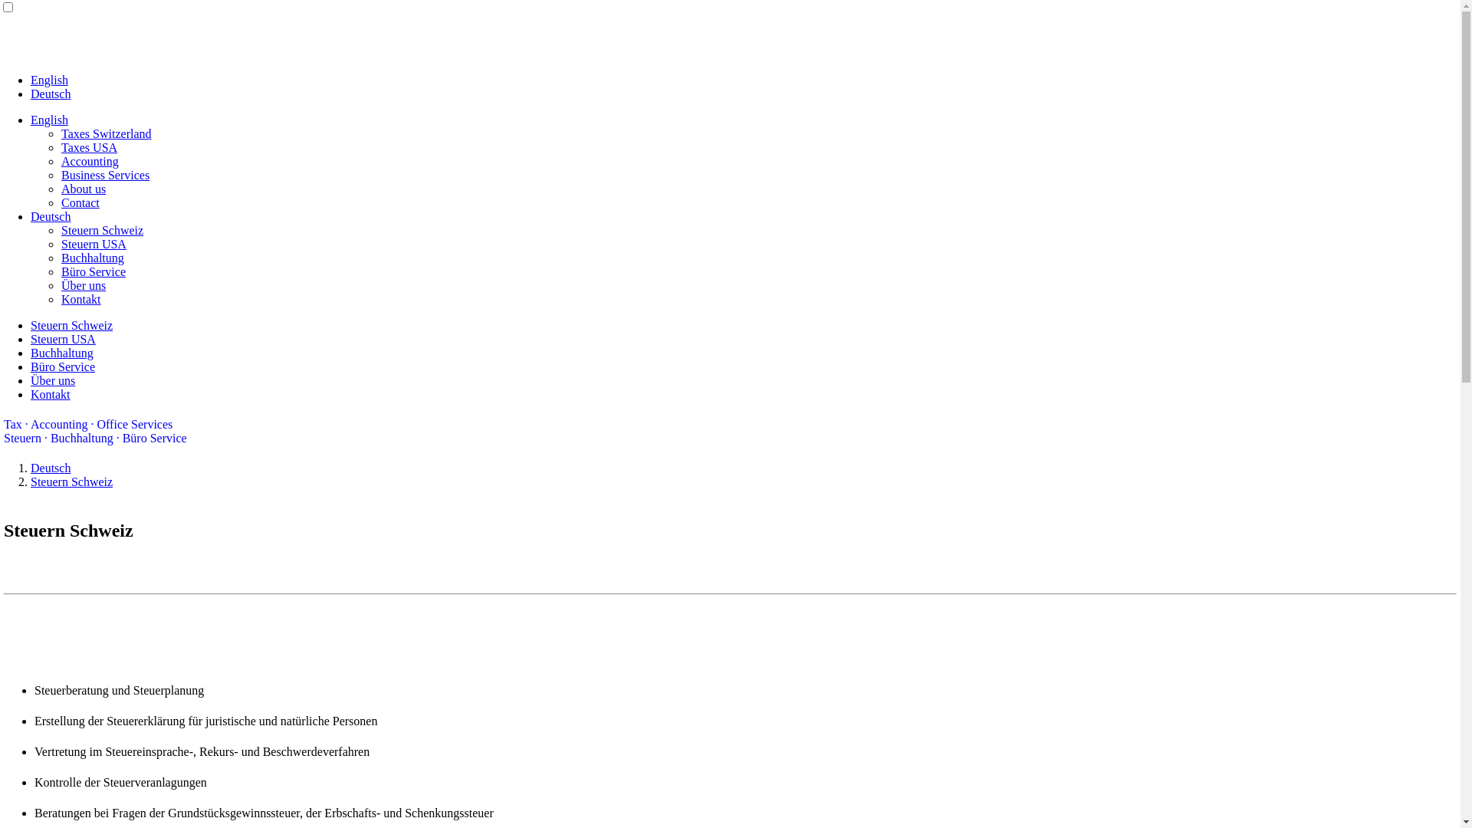 Image resolution: width=1472 pixels, height=828 pixels. Describe the element at coordinates (51, 467) in the screenshot. I see `'Deutsch'` at that location.